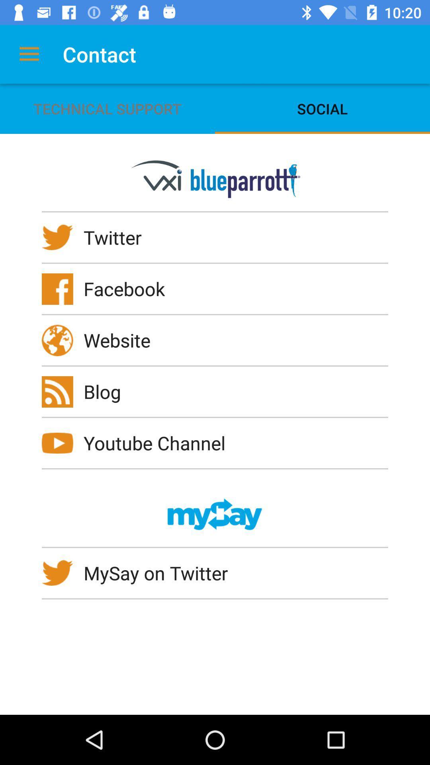  I want to click on facebook icon, so click(129, 288).